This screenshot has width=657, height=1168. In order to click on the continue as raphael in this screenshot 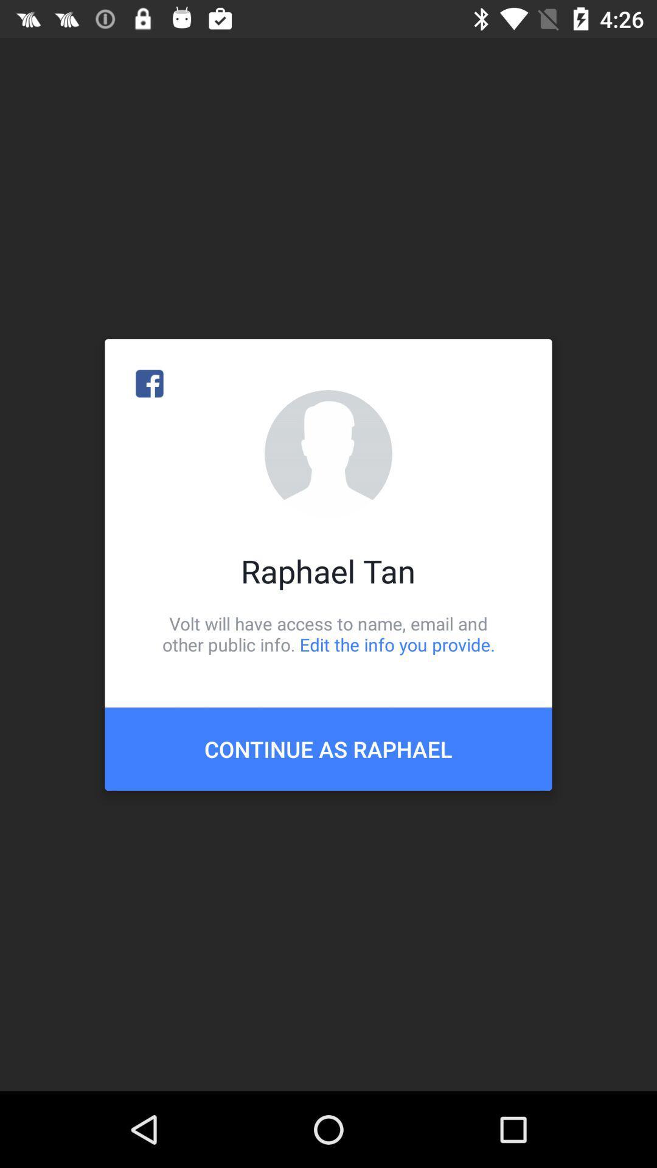, I will do `click(328, 748)`.